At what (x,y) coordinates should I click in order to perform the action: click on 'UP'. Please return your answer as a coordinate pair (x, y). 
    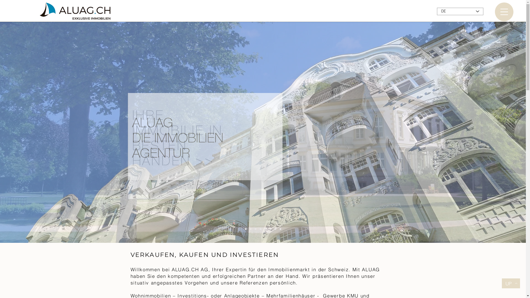
    Looking at the image, I should click on (511, 283).